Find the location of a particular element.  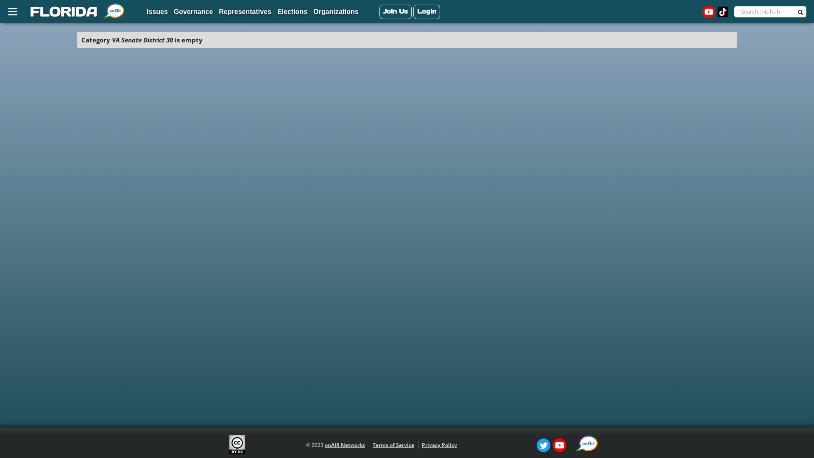

'Join Us' is located at coordinates (395, 11).